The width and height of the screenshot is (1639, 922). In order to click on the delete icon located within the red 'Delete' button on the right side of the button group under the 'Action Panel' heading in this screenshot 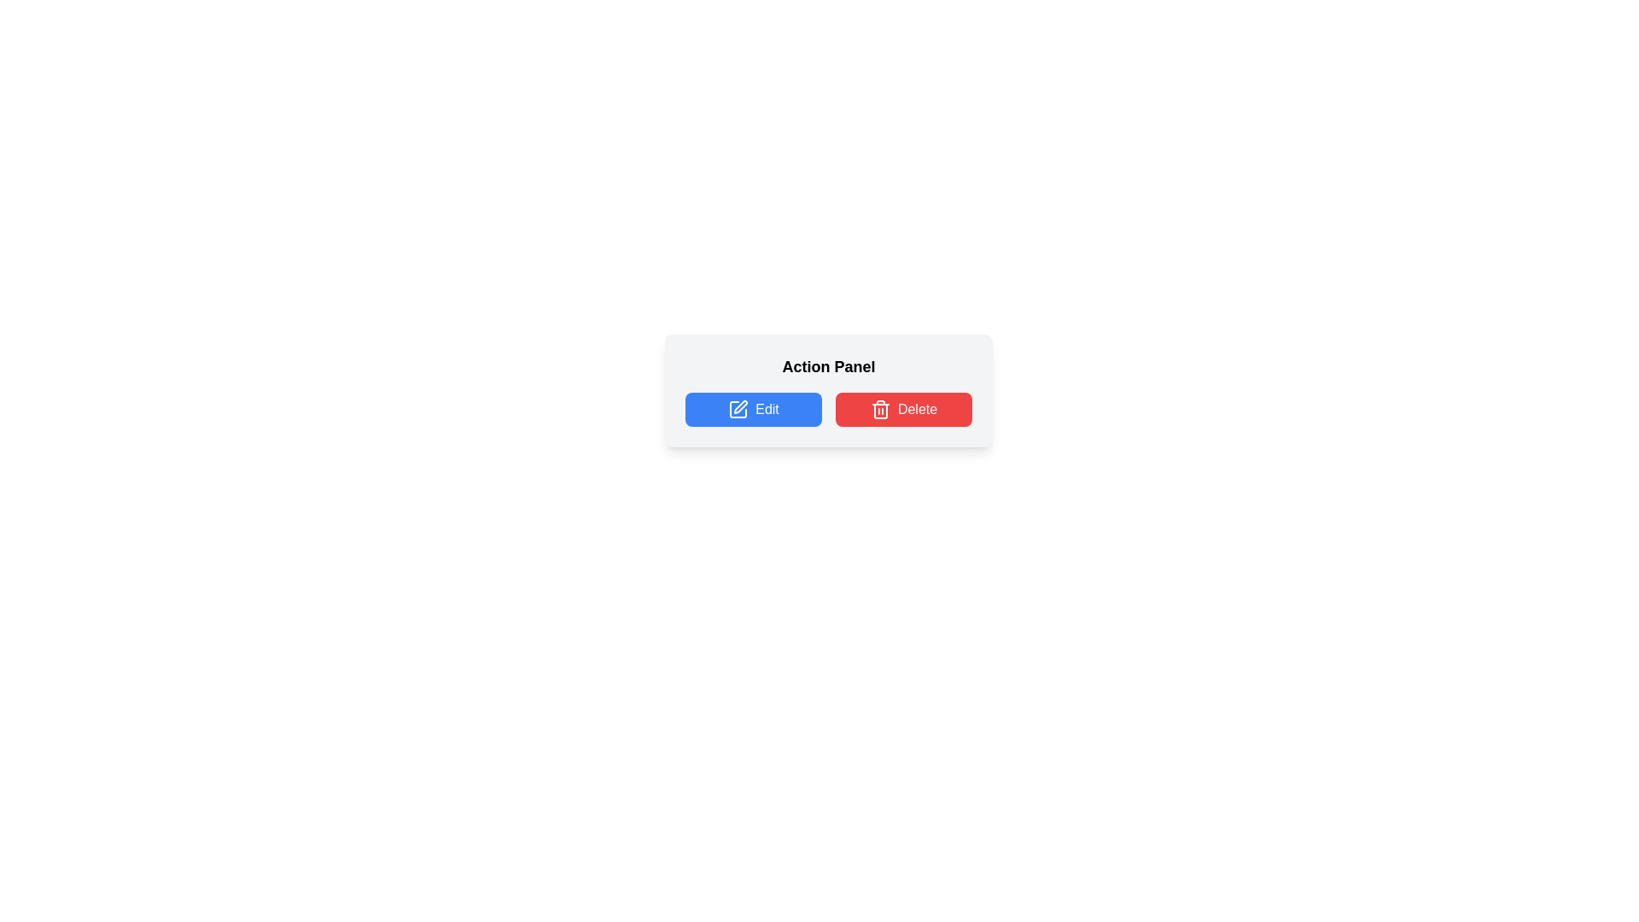, I will do `click(880, 409)`.